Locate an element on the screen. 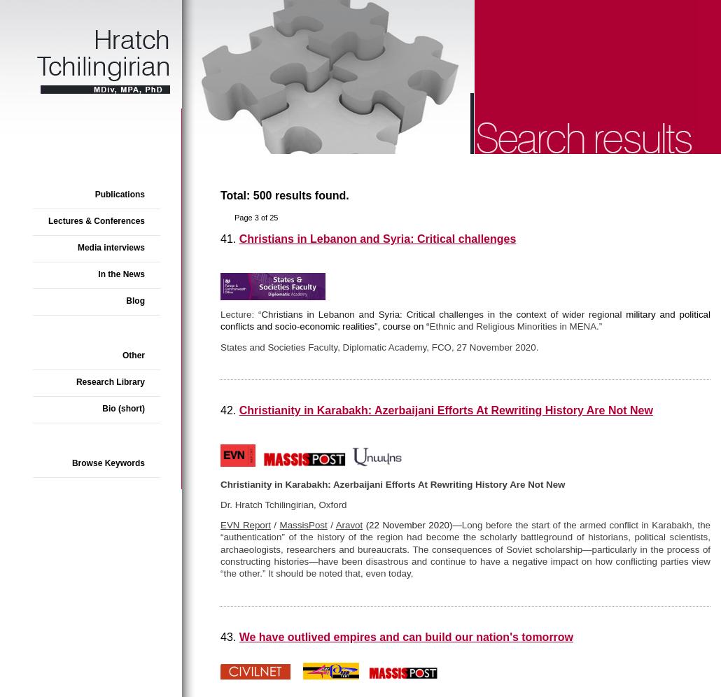 Image resolution: width=721 pixels, height=697 pixels. 'States and Societies Faculty, Diplomatic Academy, FCO,' is located at coordinates (337, 346).